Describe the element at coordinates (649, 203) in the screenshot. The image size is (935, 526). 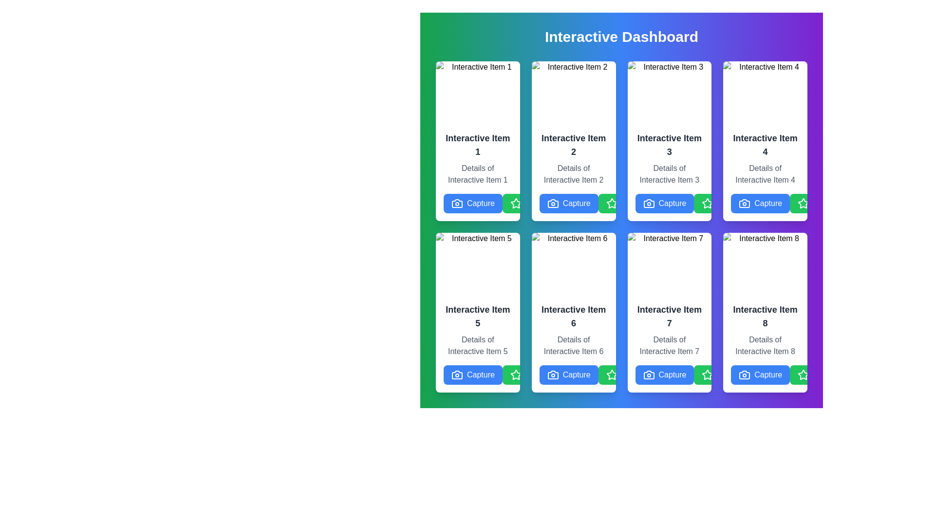
I see `the decorative icon within the 'Capture' button located in the third card of the grid layout, which indicates capturing or recording functionality` at that location.